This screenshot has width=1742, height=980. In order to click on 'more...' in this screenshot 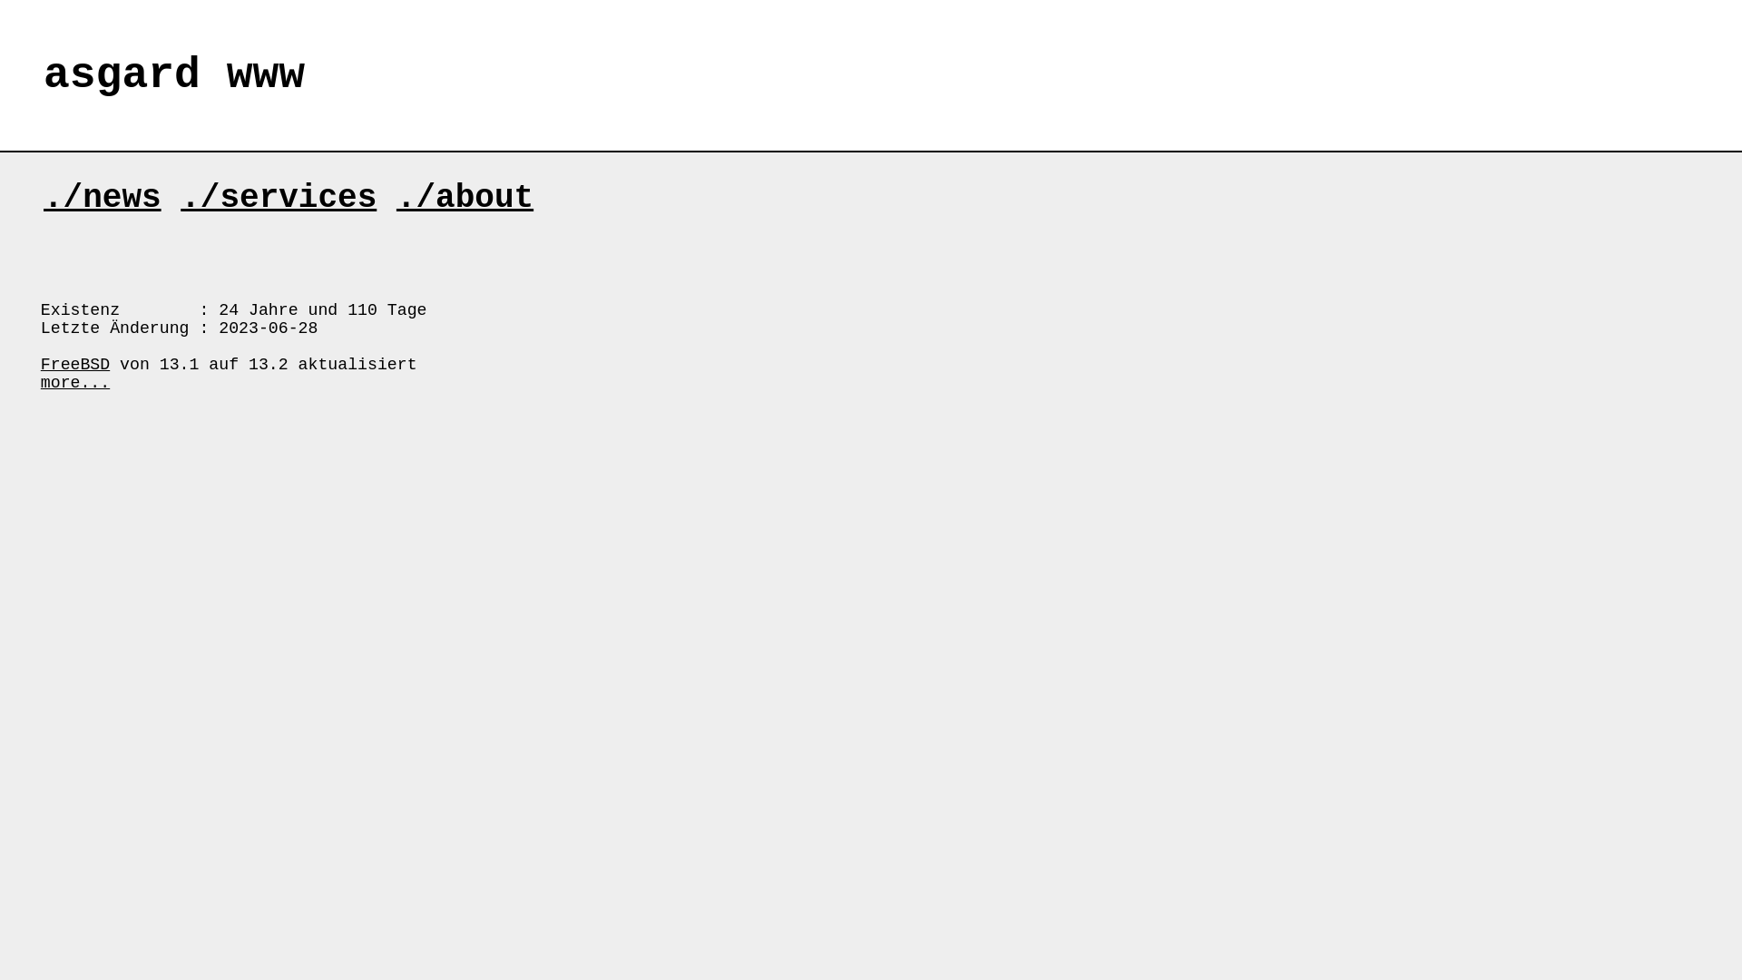, I will do `click(73, 381)`.